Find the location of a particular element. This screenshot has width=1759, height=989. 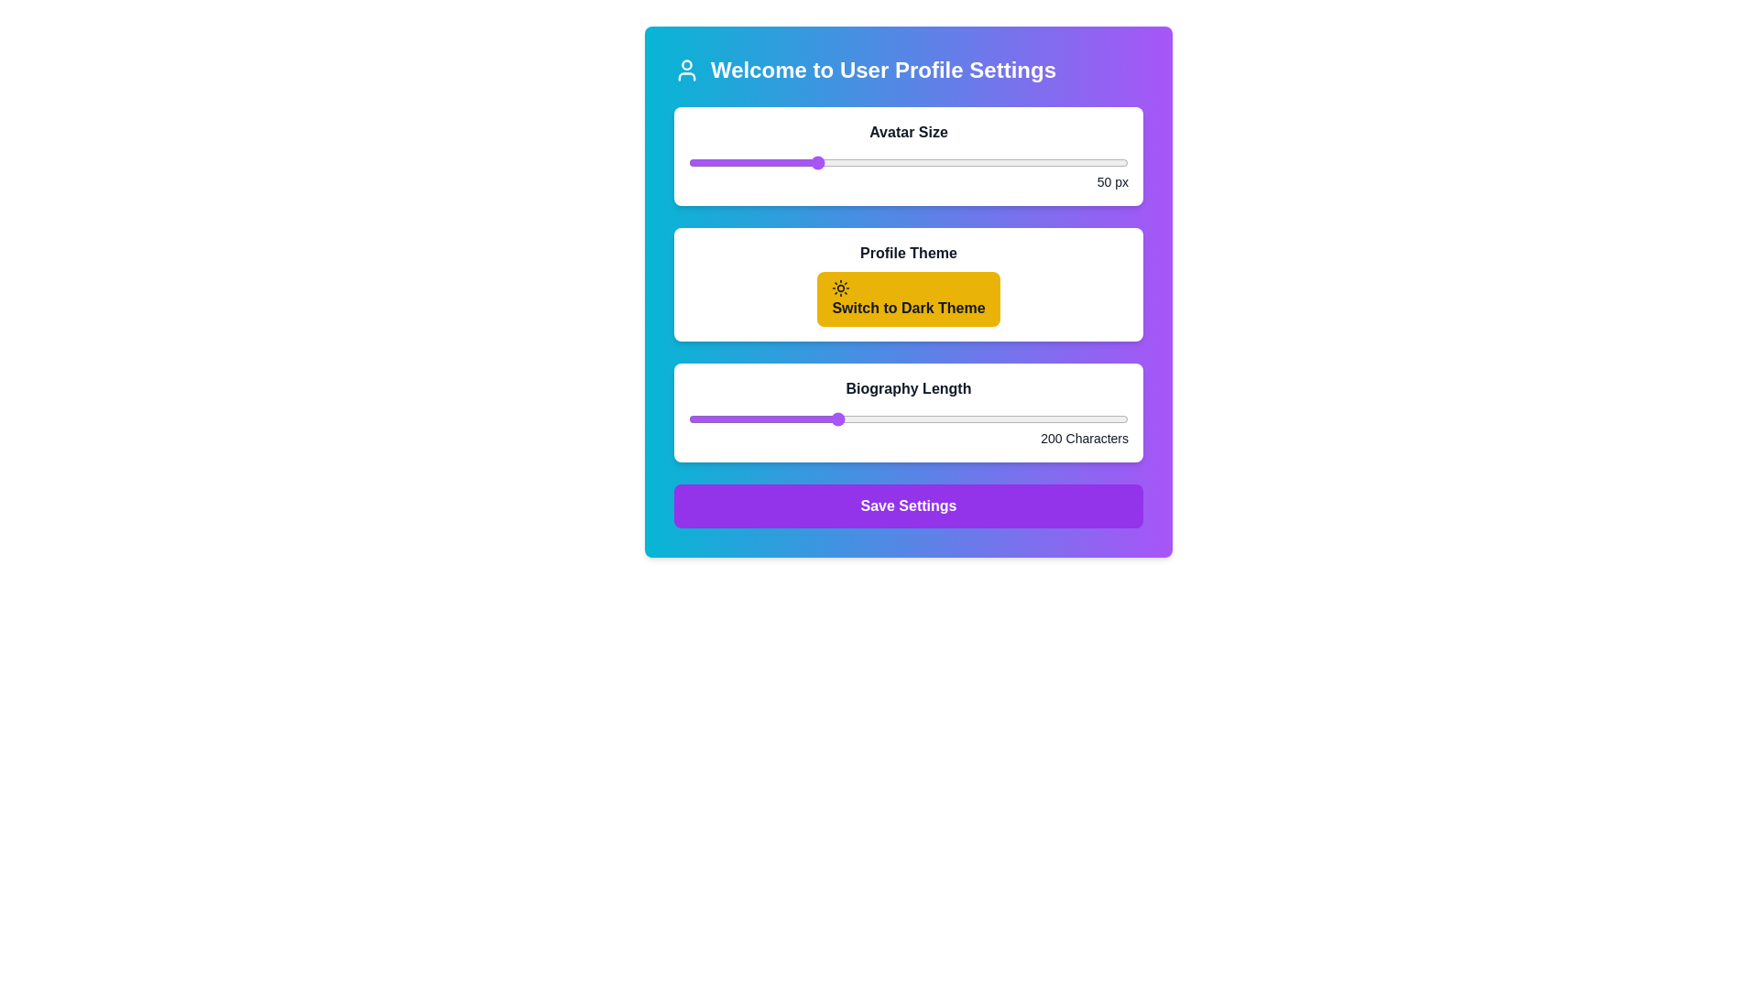

the biography length is located at coordinates (1001, 419).